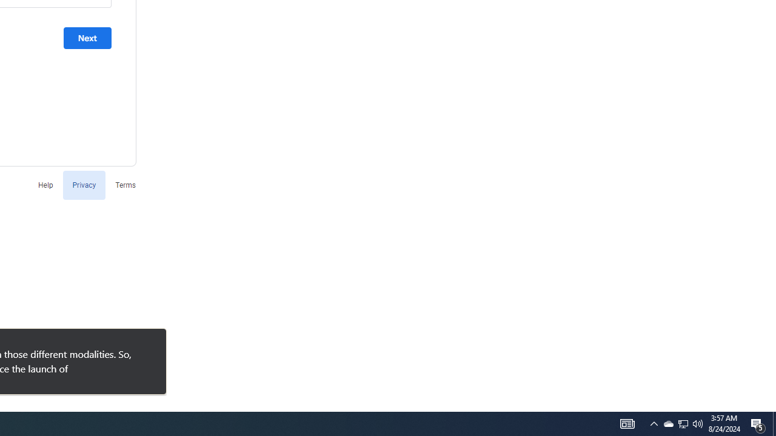  Describe the element at coordinates (87, 38) in the screenshot. I see `'Next'` at that location.